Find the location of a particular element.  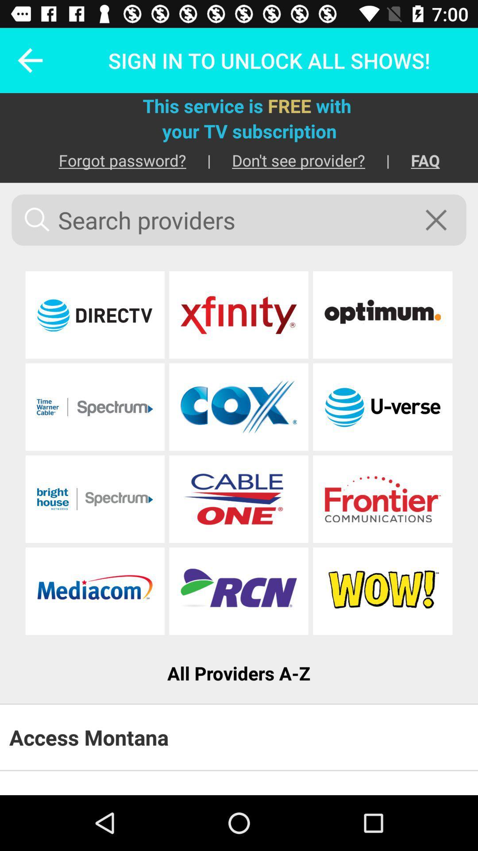

the faq item is located at coordinates (415, 160).